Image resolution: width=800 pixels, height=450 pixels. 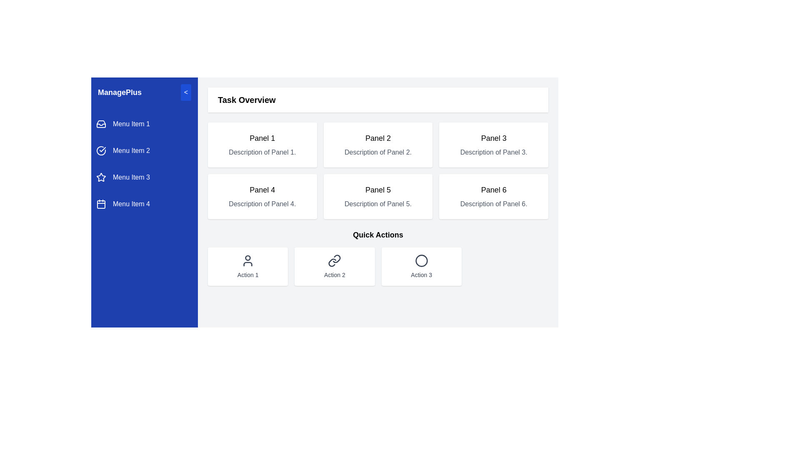 What do you see at coordinates (262, 204) in the screenshot?
I see `the static text label providing additional detail about the 'Panel 4' section, located in the lower portion of the third card in the second row of the card grid layout` at bounding box center [262, 204].